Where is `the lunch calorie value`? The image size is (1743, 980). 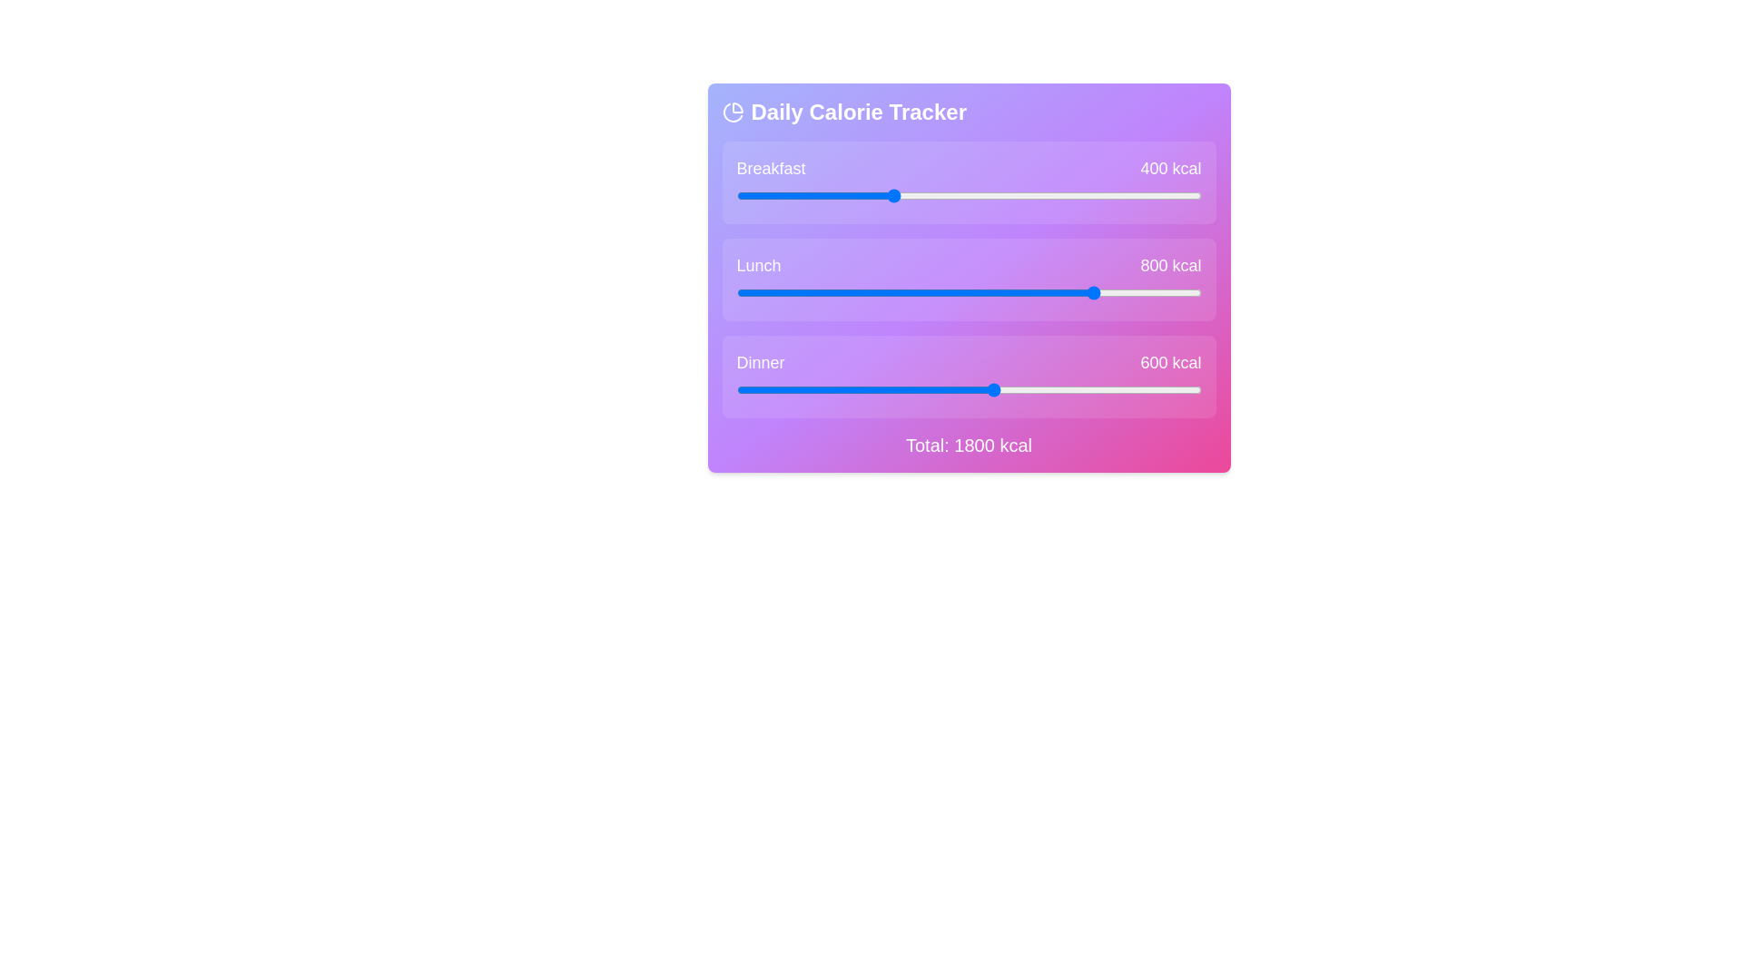
the lunch calorie value is located at coordinates (1194, 292).